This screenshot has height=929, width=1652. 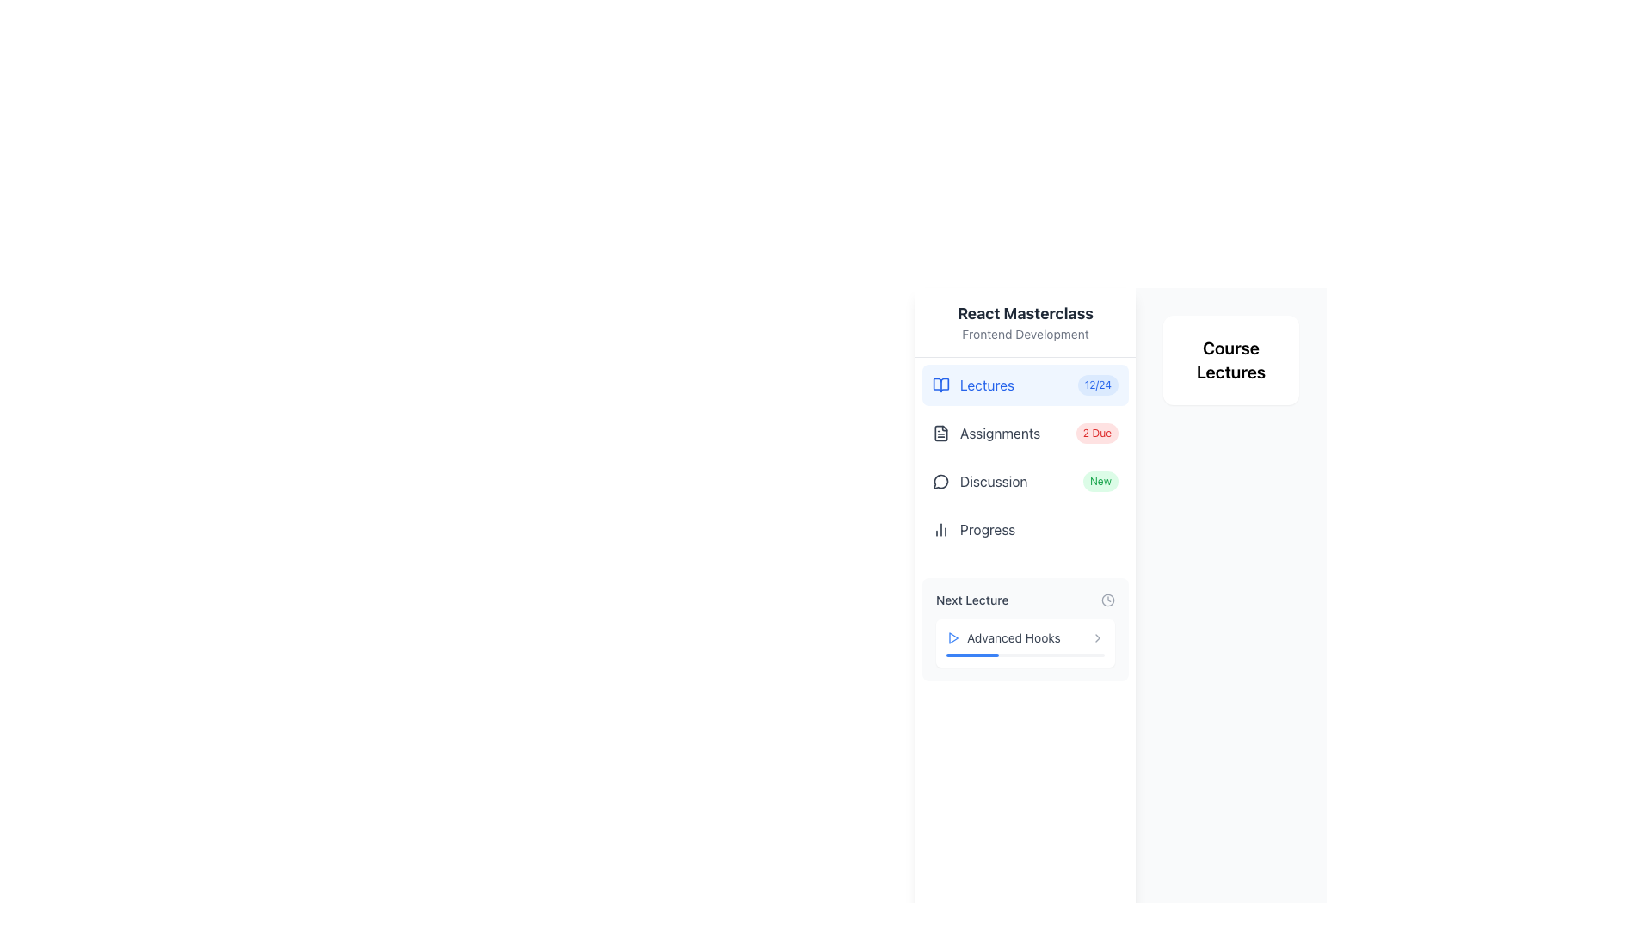 What do you see at coordinates (1025, 630) in the screenshot?
I see `the 'Next Lecture' informational panel located` at bounding box center [1025, 630].